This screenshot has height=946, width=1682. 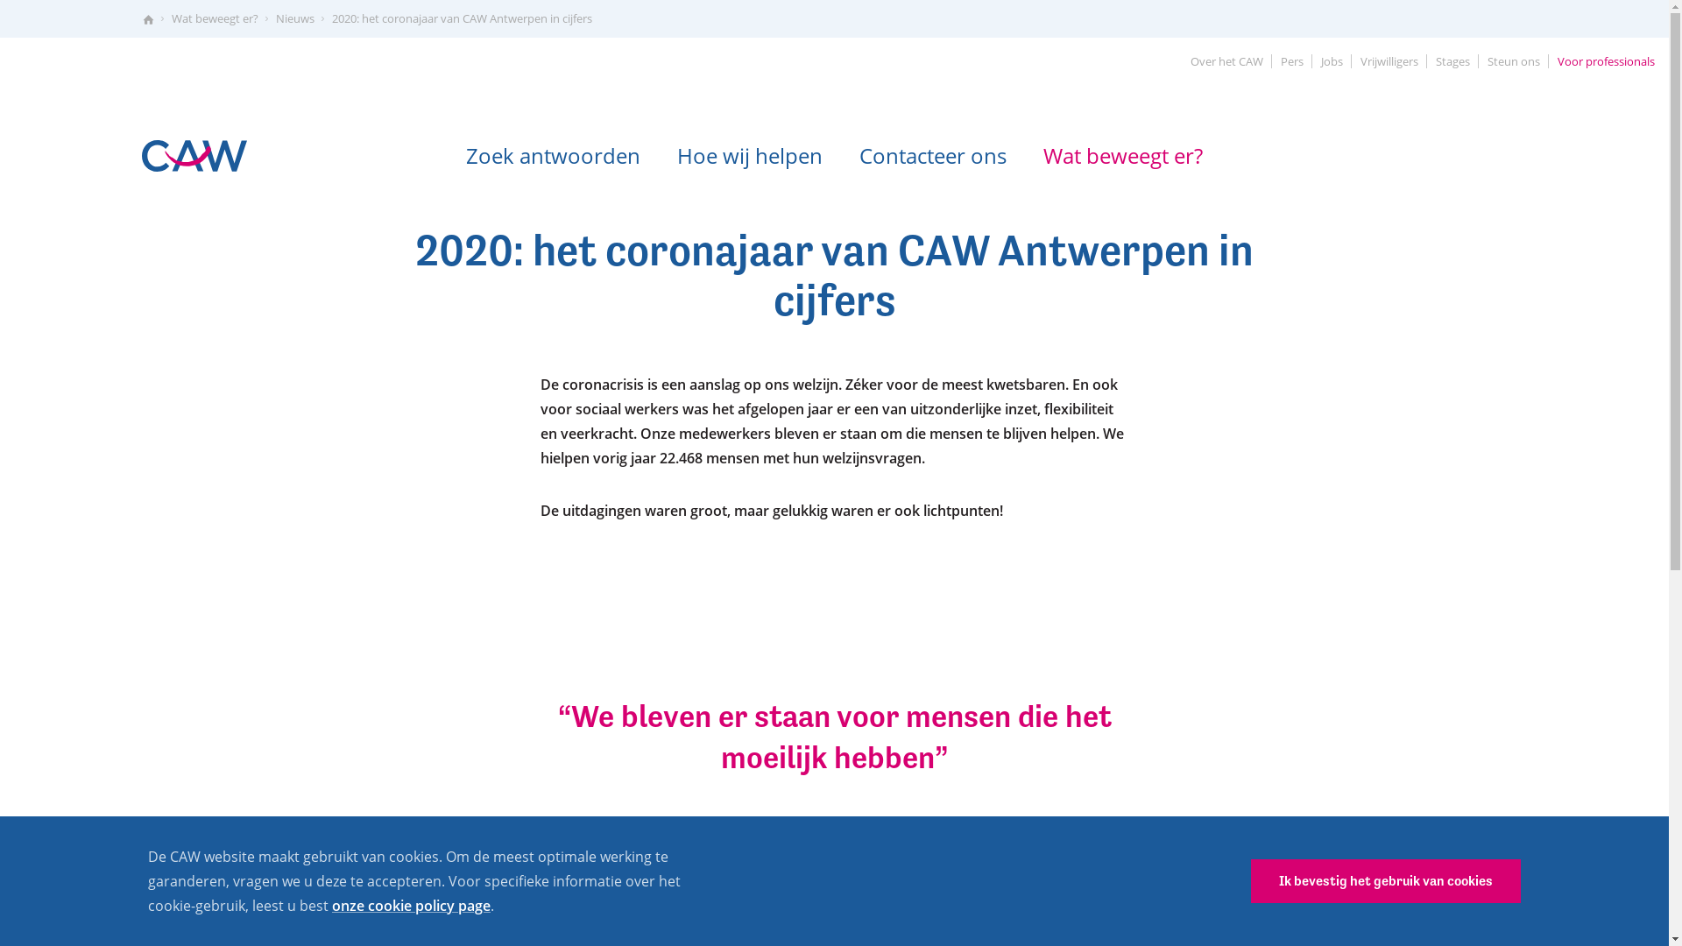 I want to click on 'Steun ons', so click(x=1513, y=60).